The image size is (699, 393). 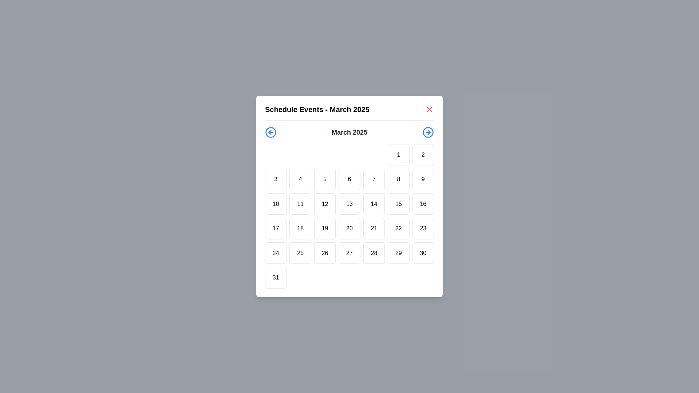 What do you see at coordinates (374, 154) in the screenshot?
I see `the fifth cell in the first row of the calendar grid` at bounding box center [374, 154].